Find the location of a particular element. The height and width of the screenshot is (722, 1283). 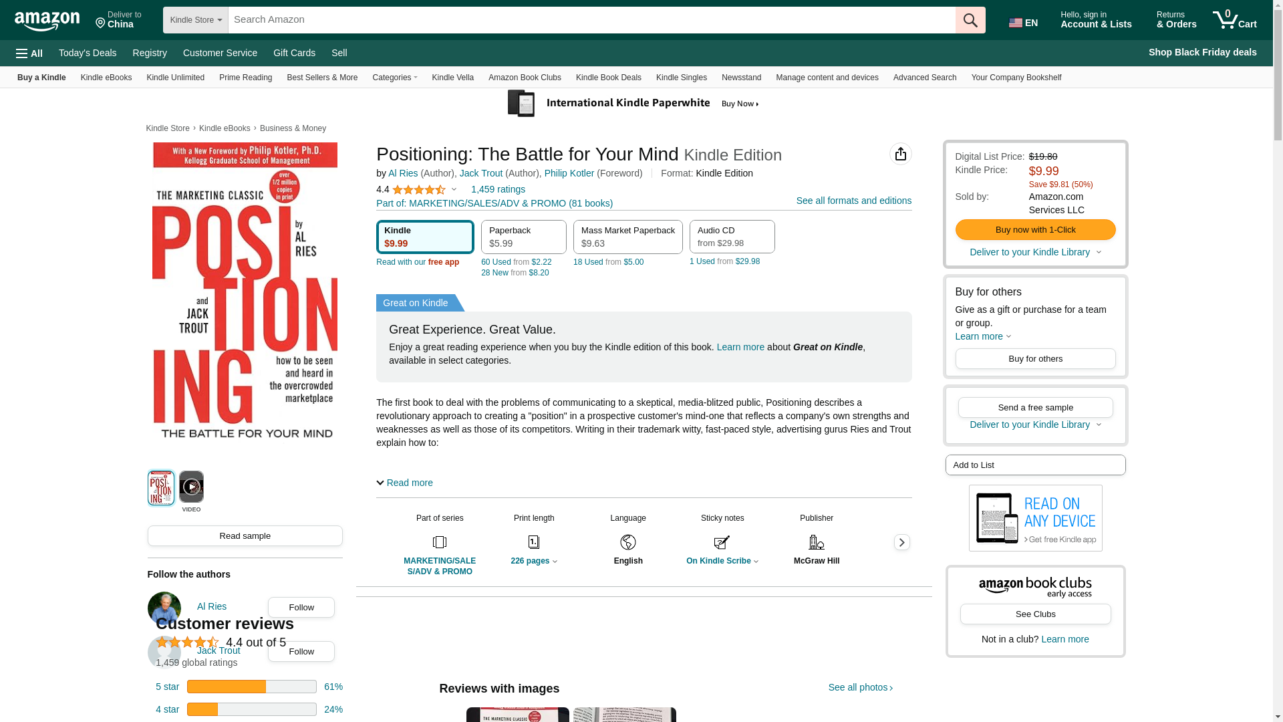

'All' is located at coordinates (9, 52).